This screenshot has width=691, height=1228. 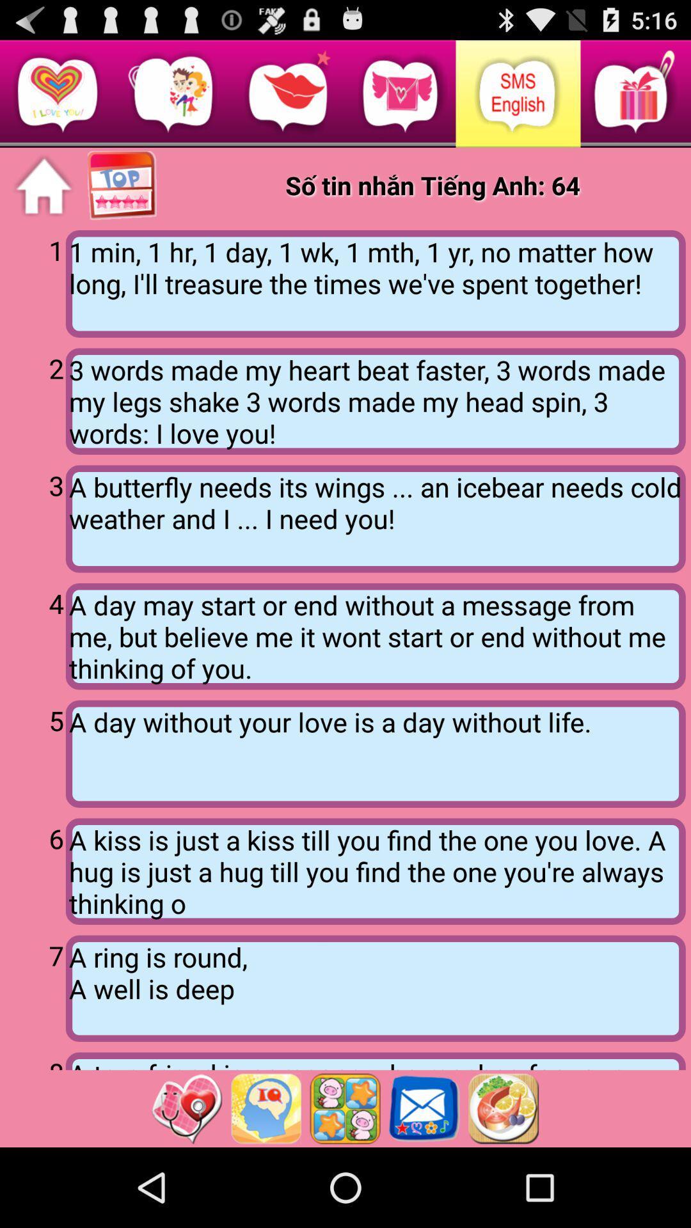 I want to click on iq section, so click(x=265, y=1108).